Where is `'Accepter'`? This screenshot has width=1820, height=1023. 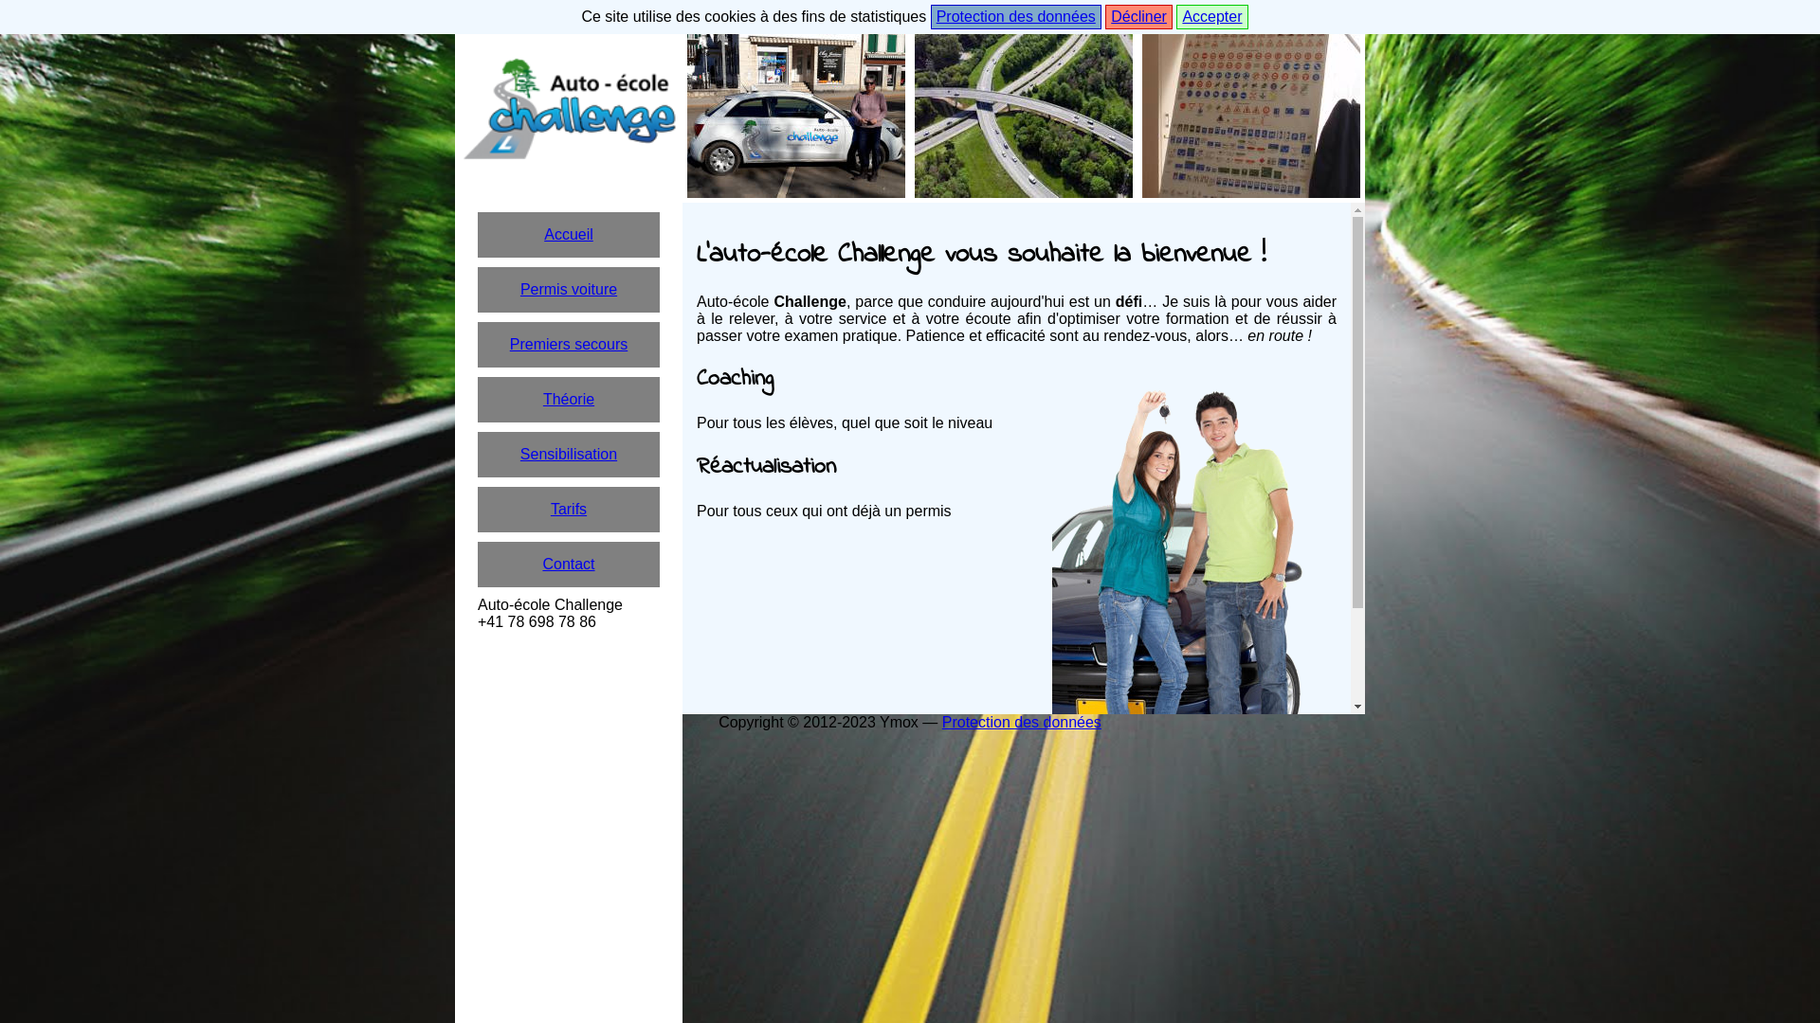
'Accepter' is located at coordinates (1210, 17).